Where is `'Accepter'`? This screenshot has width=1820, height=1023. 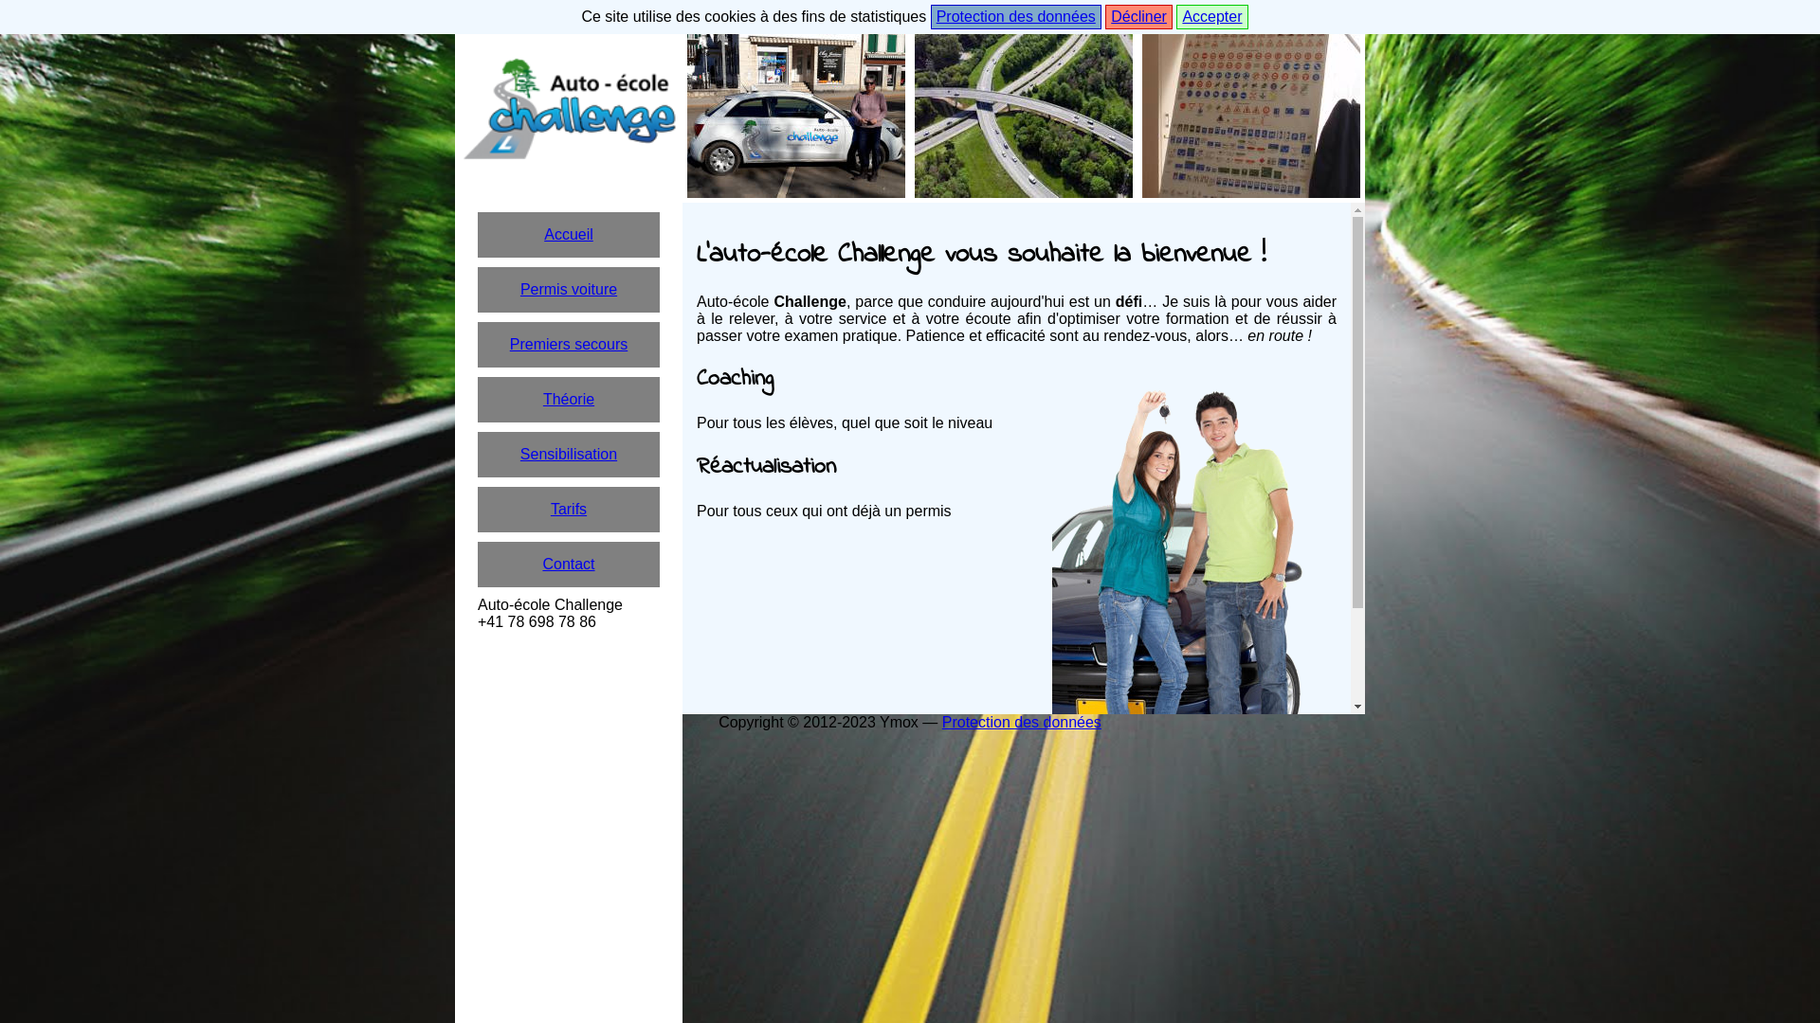
'Accepter' is located at coordinates (1210, 17).